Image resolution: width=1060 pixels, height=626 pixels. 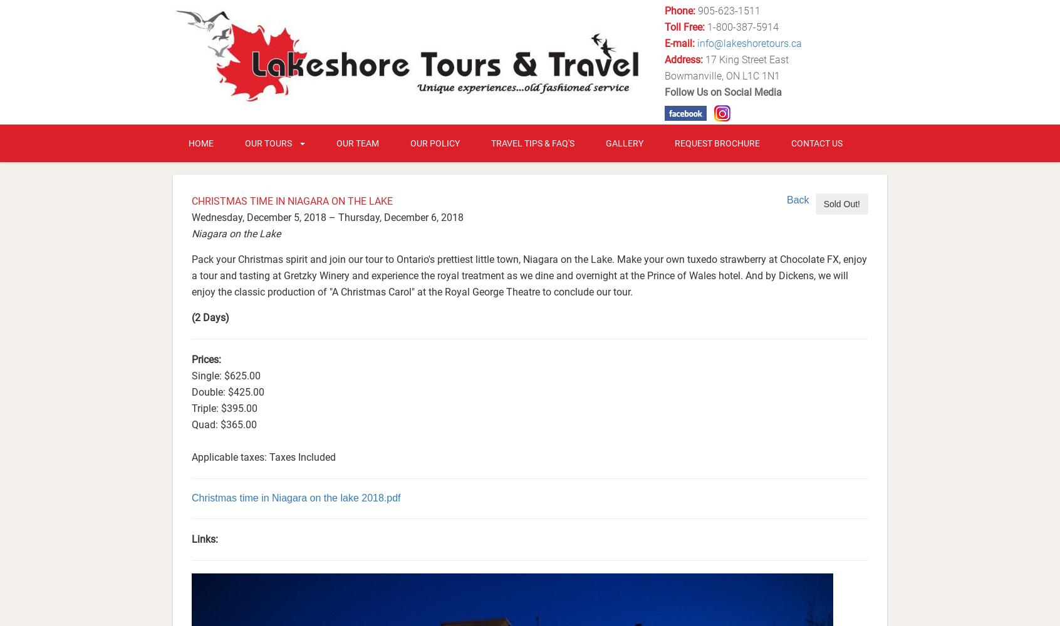 I want to click on 'Wednesday, December 5, 2018 – Thursday, December 6, 2018', so click(x=327, y=216).